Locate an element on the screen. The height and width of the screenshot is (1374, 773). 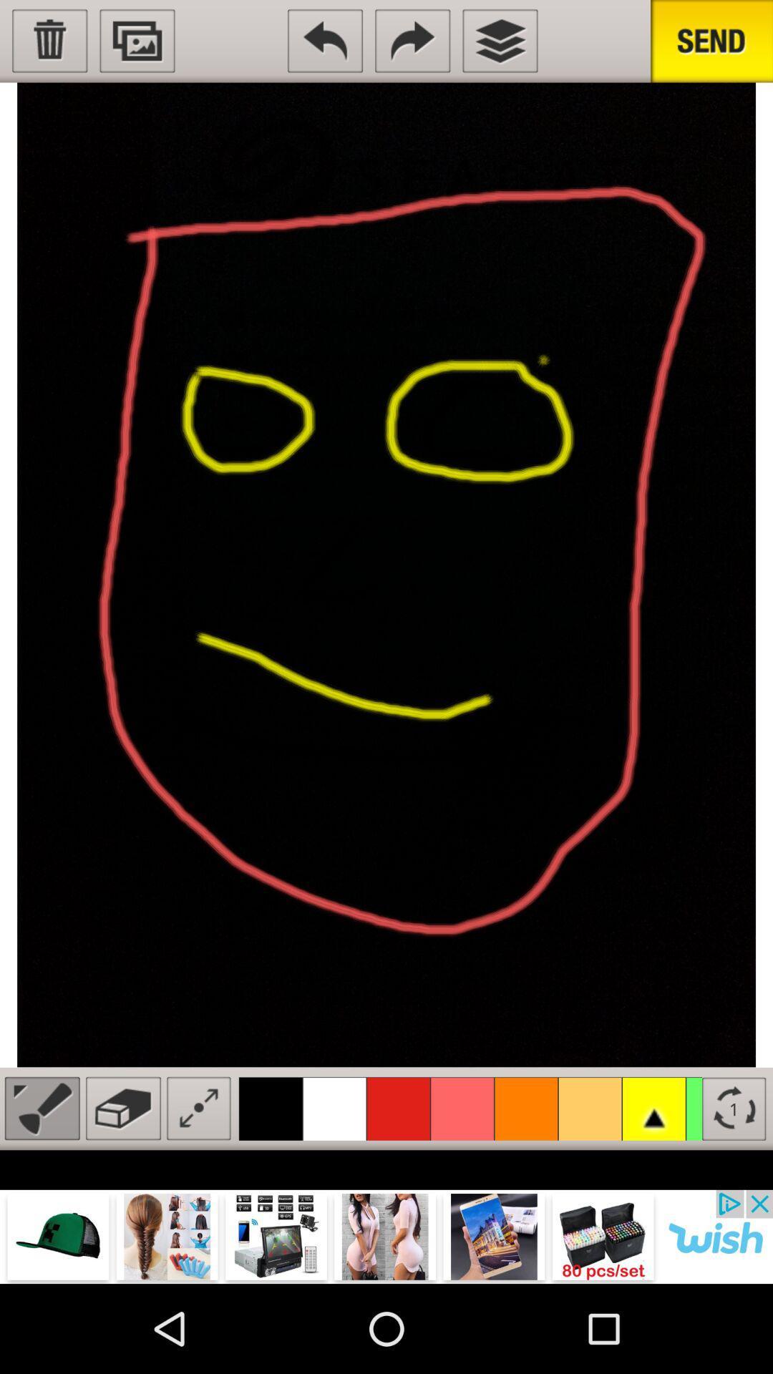
advertising is located at coordinates (386, 1236).